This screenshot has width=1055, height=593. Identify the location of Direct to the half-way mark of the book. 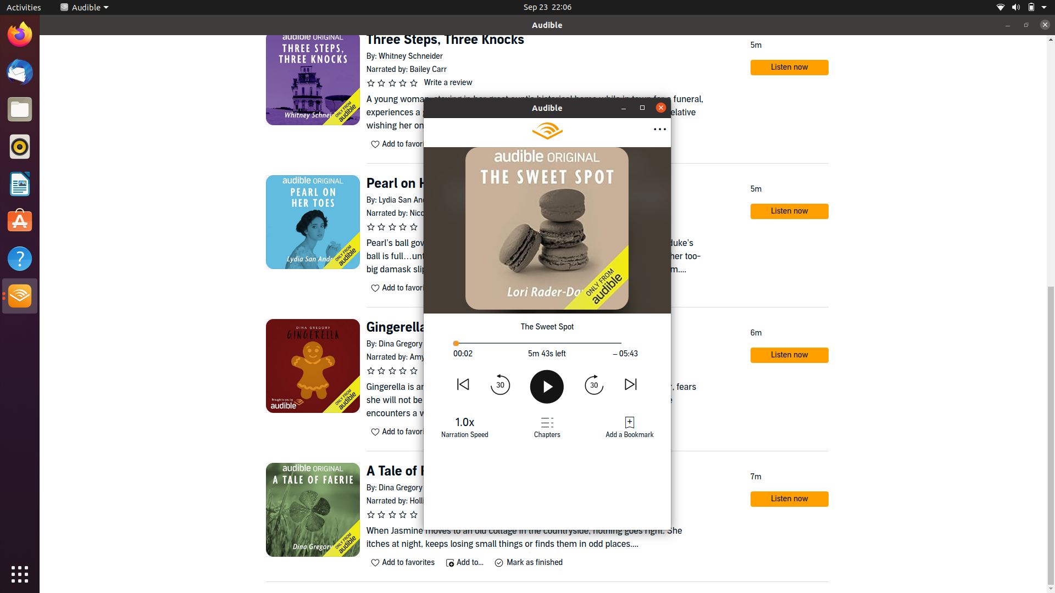
(546, 343).